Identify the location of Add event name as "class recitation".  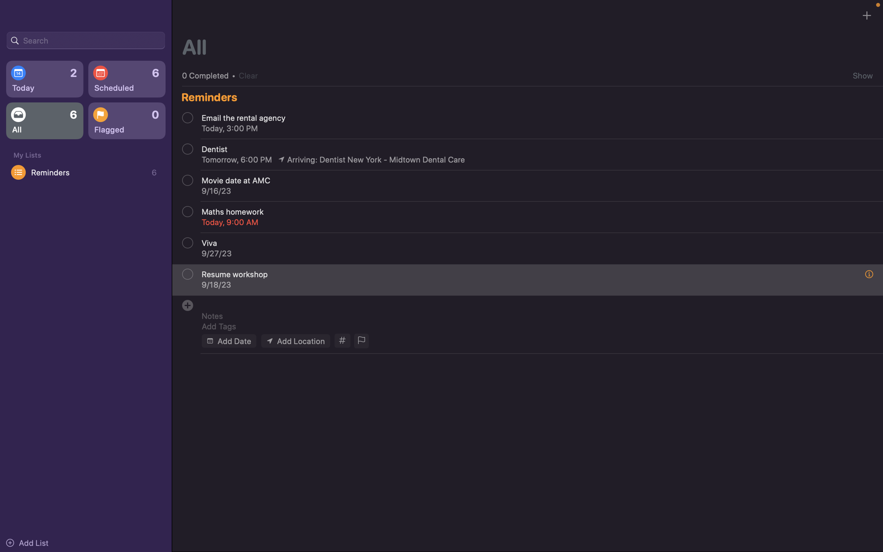
(531, 303).